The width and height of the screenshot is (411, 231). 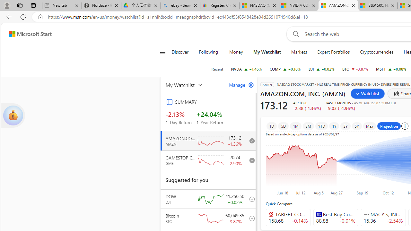 I want to click on '3M', so click(x=308, y=126).